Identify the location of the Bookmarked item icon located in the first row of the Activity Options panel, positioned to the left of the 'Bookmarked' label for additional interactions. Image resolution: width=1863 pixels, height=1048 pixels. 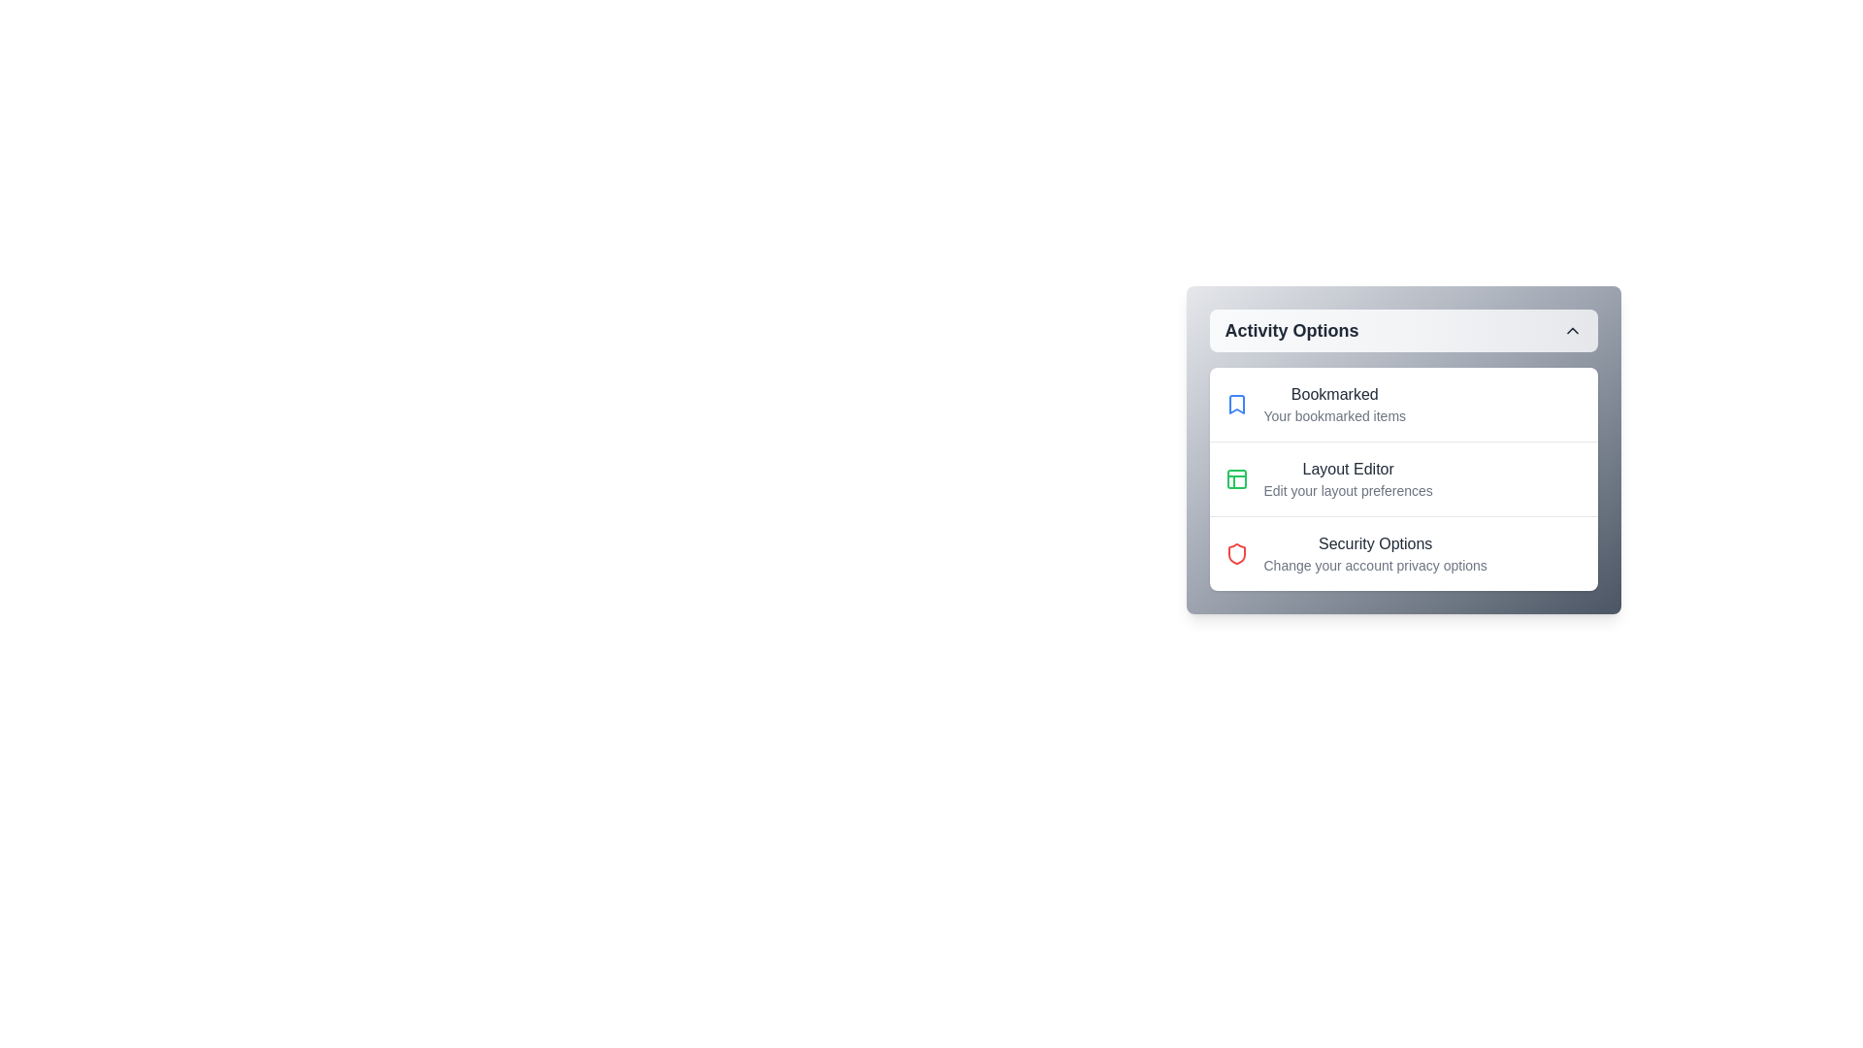
(1235, 403).